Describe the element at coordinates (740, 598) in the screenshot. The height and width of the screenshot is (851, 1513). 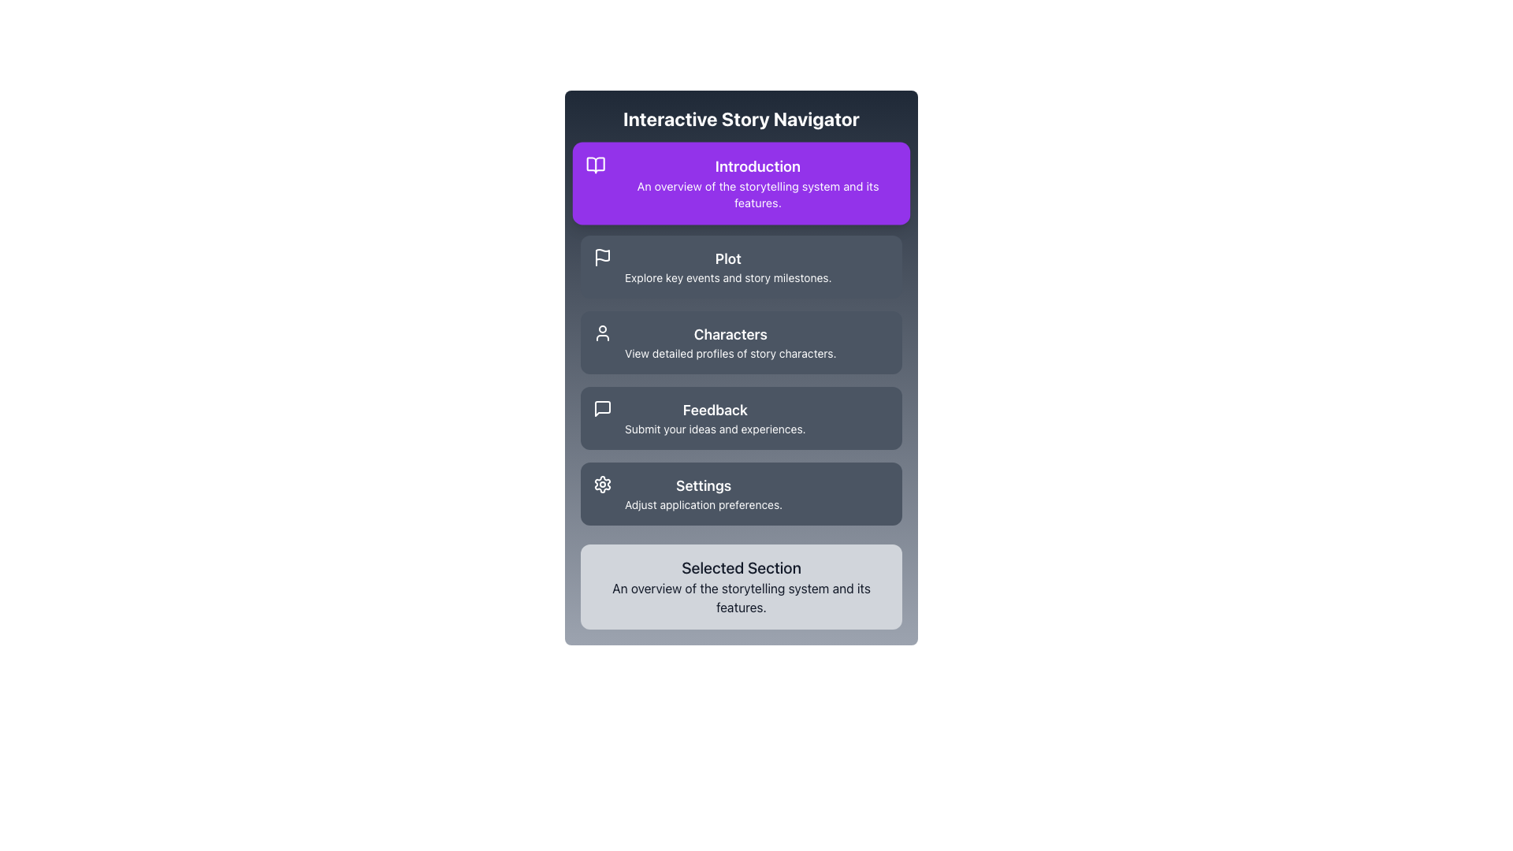
I see `the text element displaying 'An overview of the storytelling system and its features.' located below the 'Selected Section' title in the last card of the interface` at that location.